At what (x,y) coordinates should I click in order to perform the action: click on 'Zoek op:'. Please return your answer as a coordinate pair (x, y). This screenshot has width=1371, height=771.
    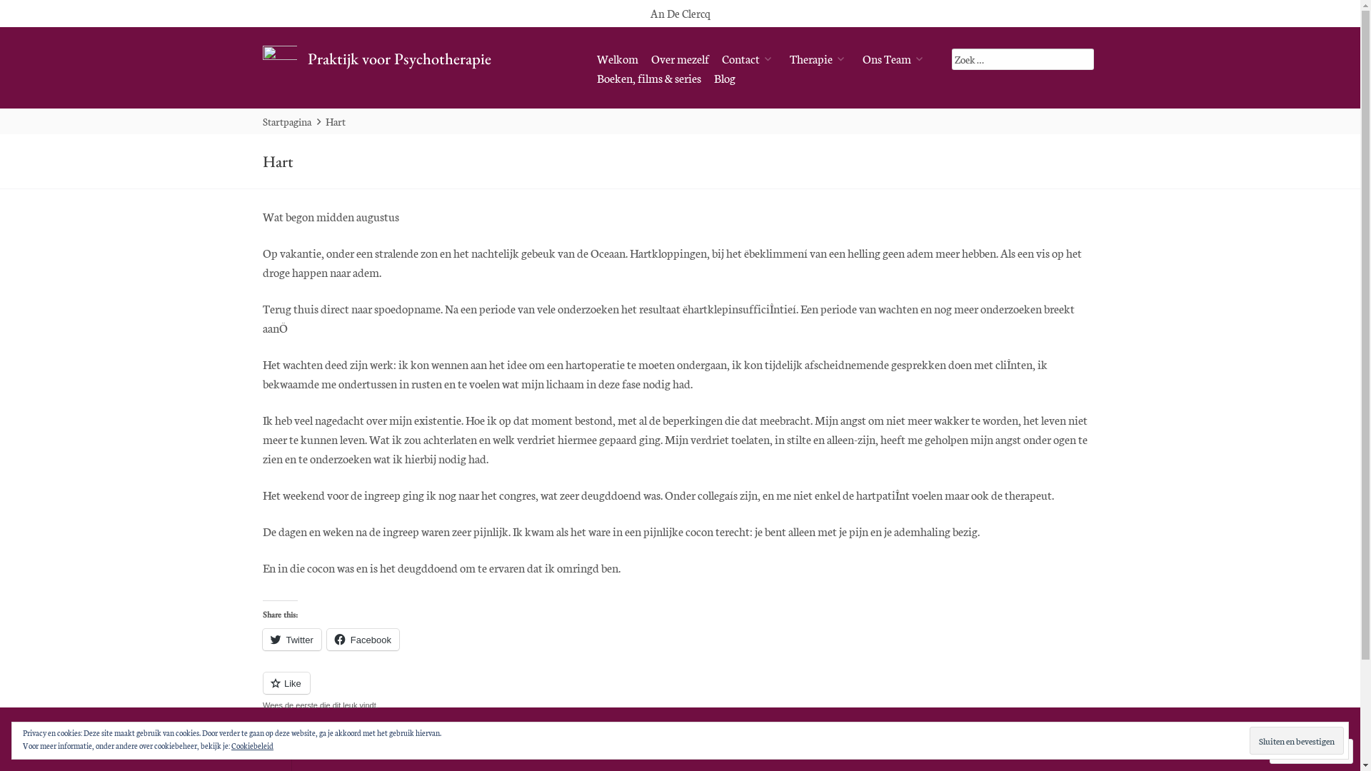
    Looking at the image, I should click on (1022, 59).